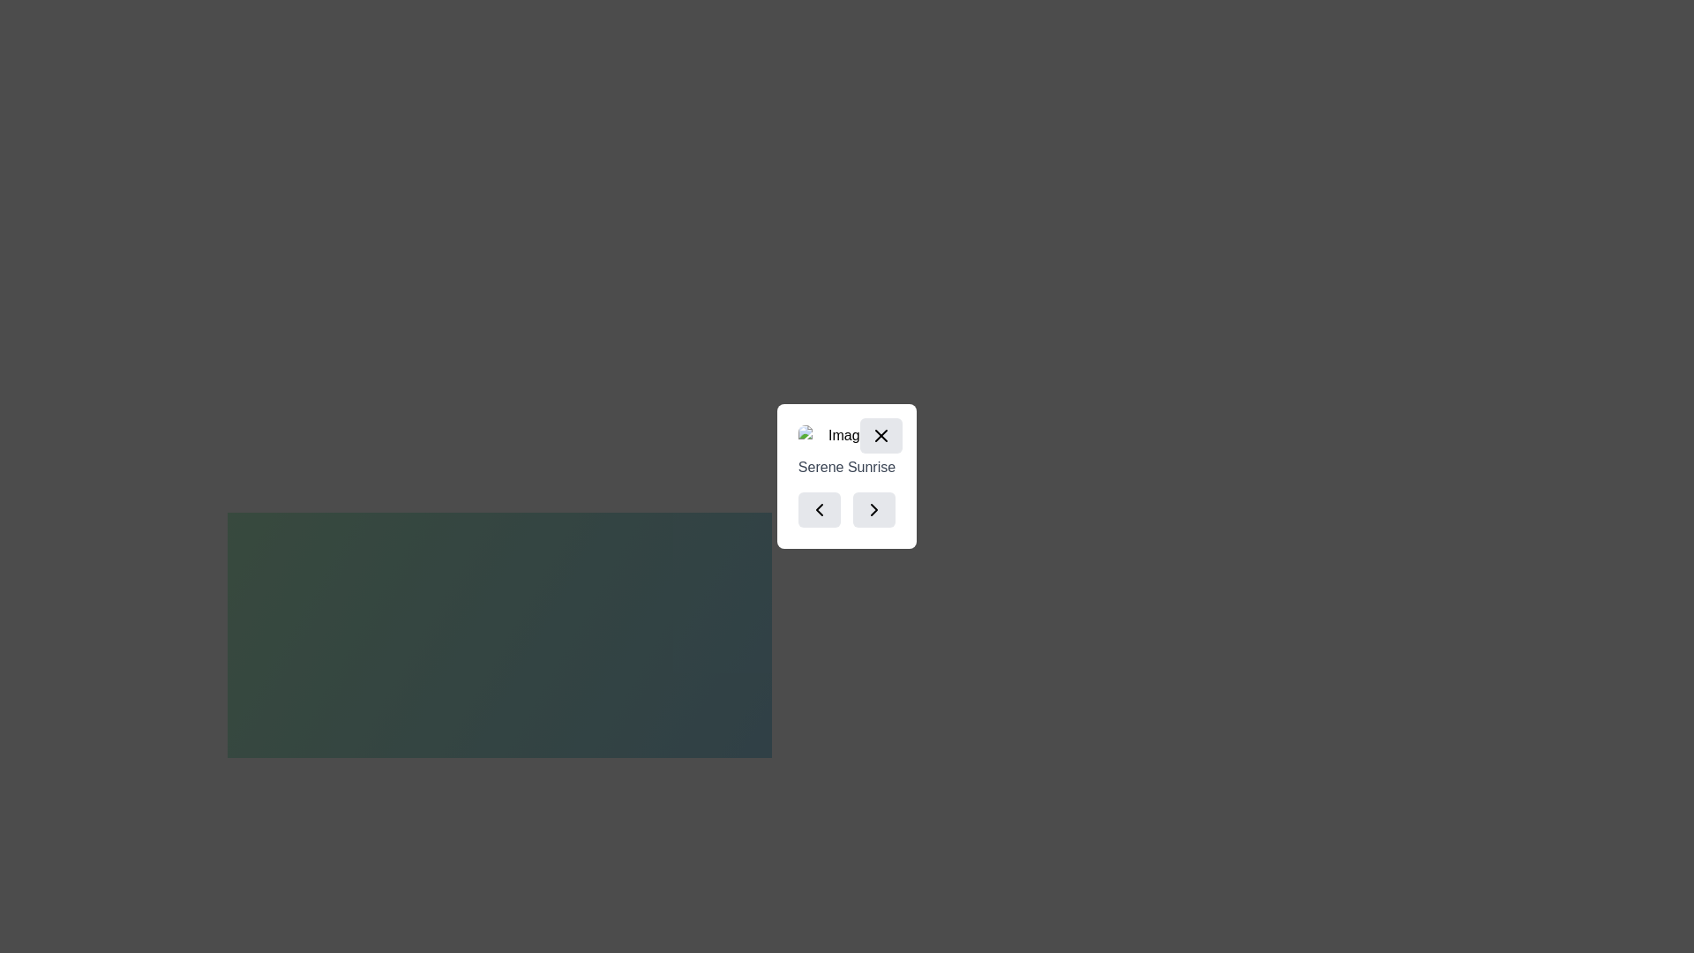 This screenshot has height=953, width=1694. Describe the element at coordinates (874, 510) in the screenshot. I see `the rightward-pointing chevron icon located at the farthest-right position of a set of three control elements in the bottom-right of the 'Serene Sunrise' dialog box` at that location.